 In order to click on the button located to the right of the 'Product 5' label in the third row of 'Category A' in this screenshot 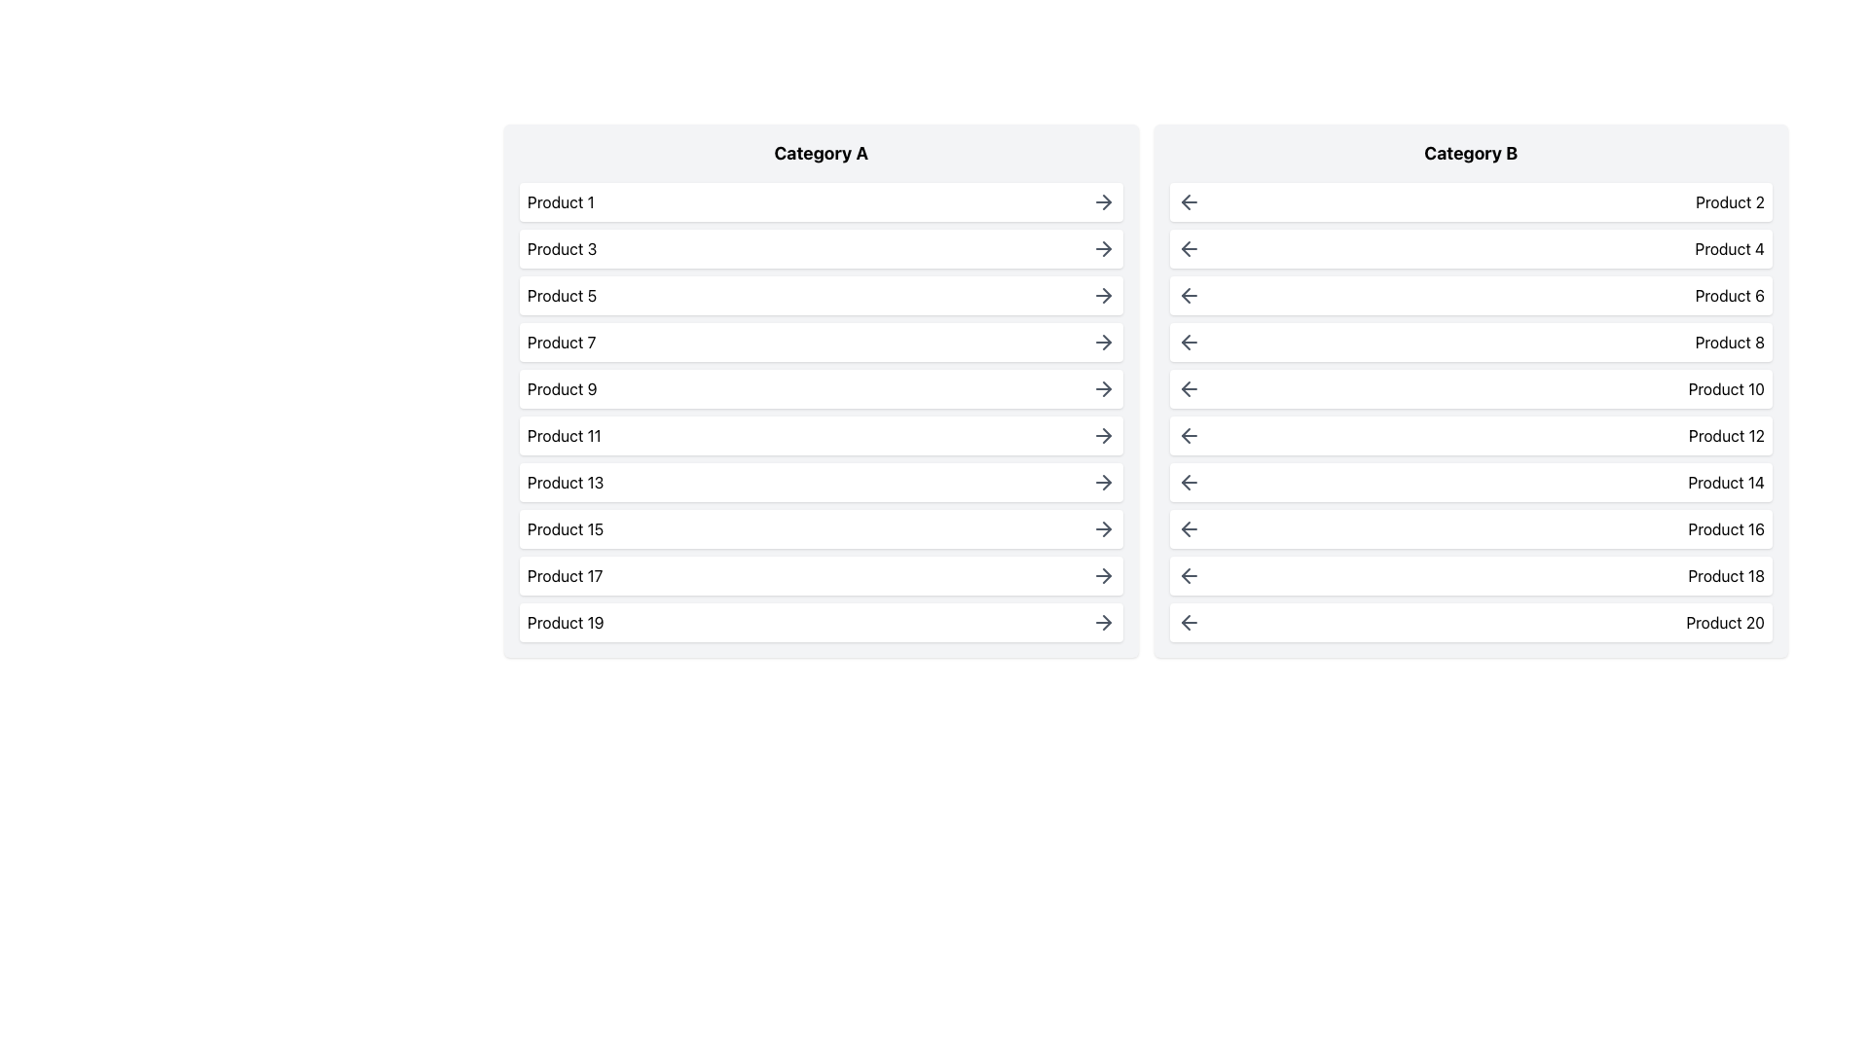, I will do `click(1103, 296)`.